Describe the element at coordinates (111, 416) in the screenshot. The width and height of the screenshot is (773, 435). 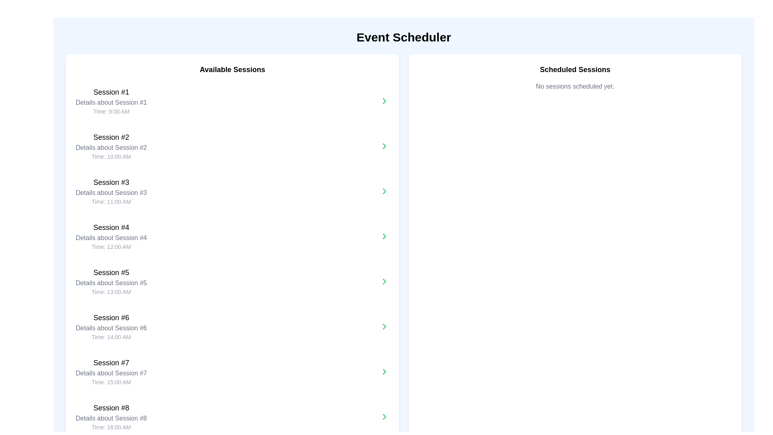
I see `detailed information displayed in the Textual Information Block for 'Session #8', which includes its title, description, and scheduled time` at that location.